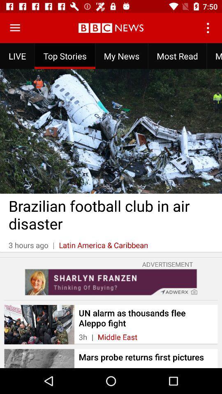 This screenshot has width=222, height=394. Describe the element at coordinates (15, 28) in the screenshot. I see `show menu` at that location.